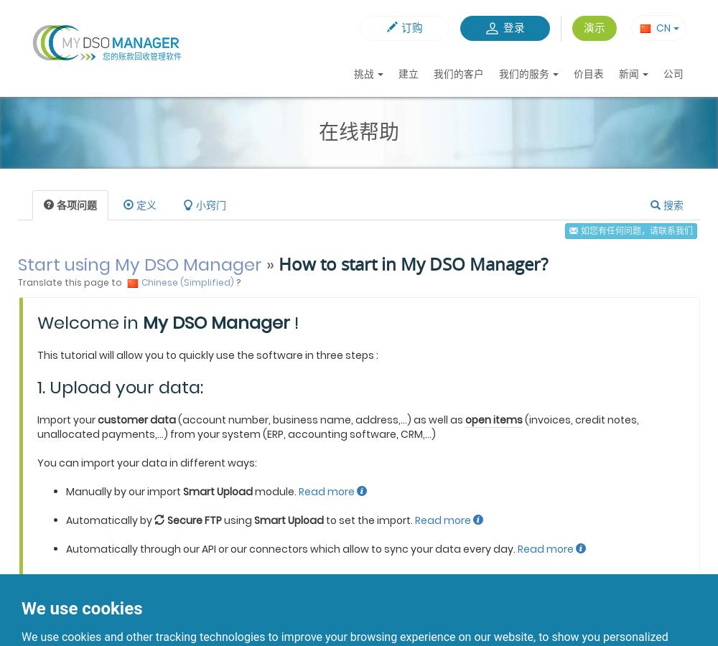 Image resolution: width=718 pixels, height=646 pixels. Describe the element at coordinates (110, 520) in the screenshot. I see `'Automatically by'` at that location.